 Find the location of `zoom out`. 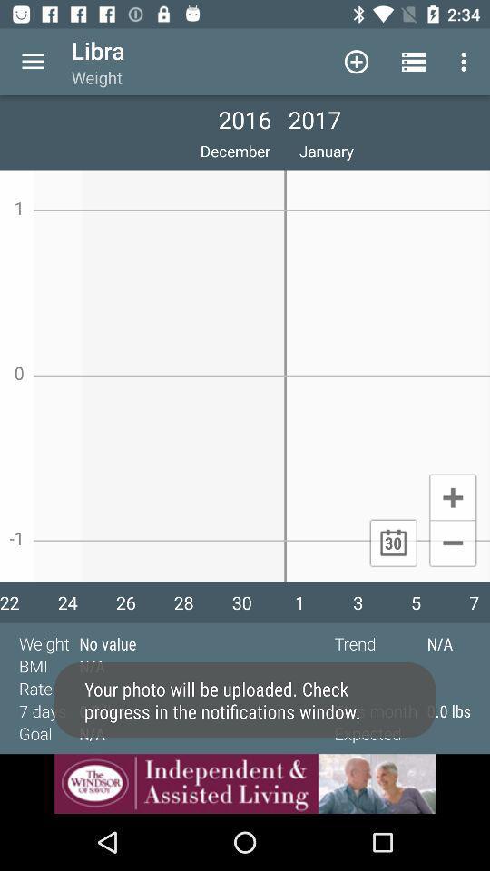

zoom out is located at coordinates (452, 544).